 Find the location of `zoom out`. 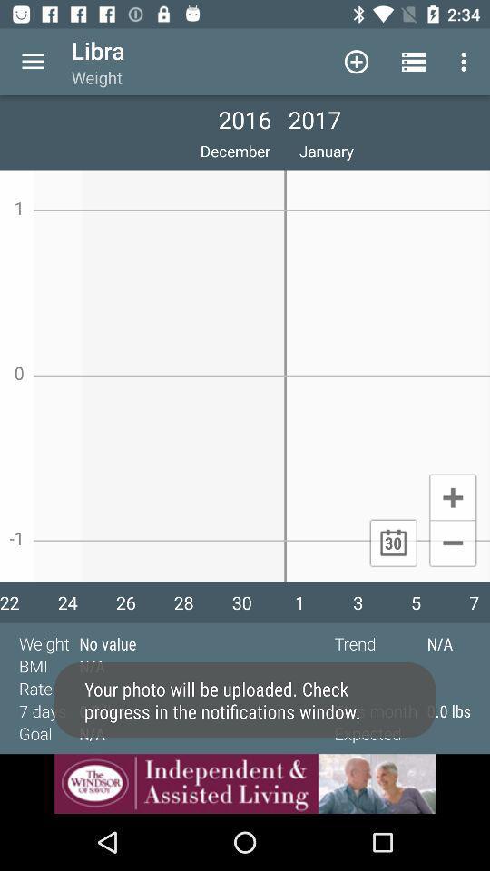

zoom out is located at coordinates (452, 544).